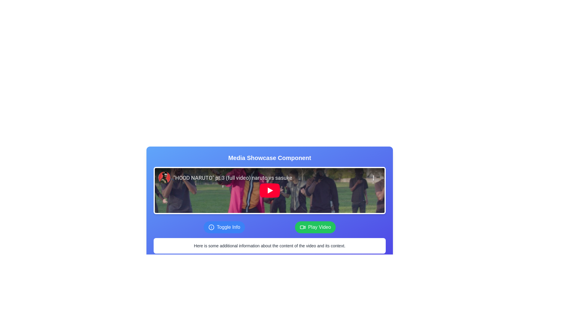 The width and height of the screenshot is (575, 323). I want to click on the Embedded Video Player titled 'Amazing Video', so click(269, 190).